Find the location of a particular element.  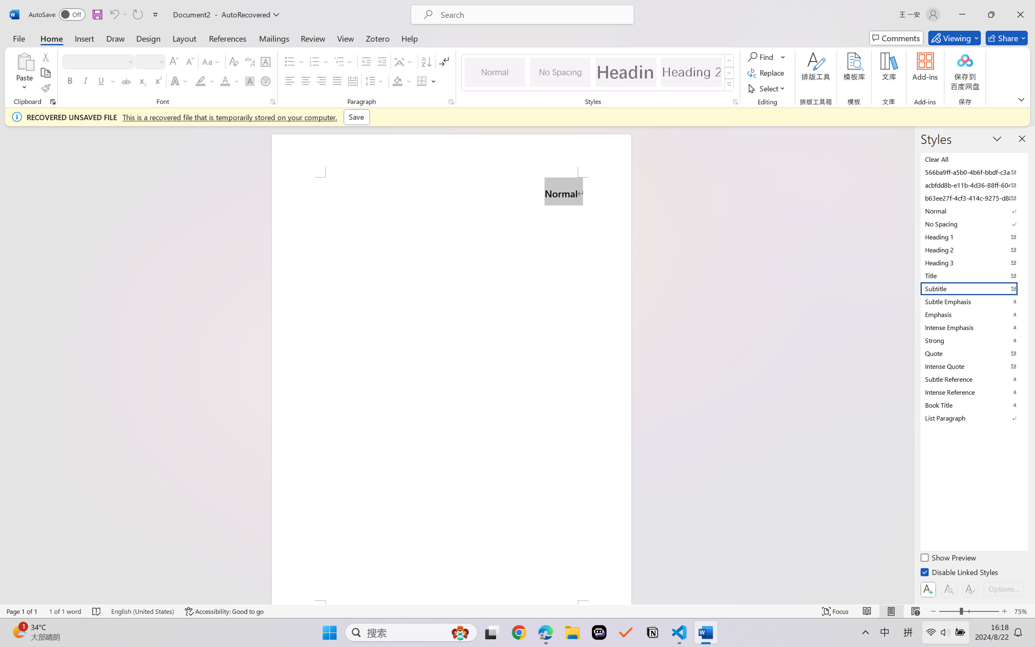

'Heading 2' is located at coordinates (691, 72).